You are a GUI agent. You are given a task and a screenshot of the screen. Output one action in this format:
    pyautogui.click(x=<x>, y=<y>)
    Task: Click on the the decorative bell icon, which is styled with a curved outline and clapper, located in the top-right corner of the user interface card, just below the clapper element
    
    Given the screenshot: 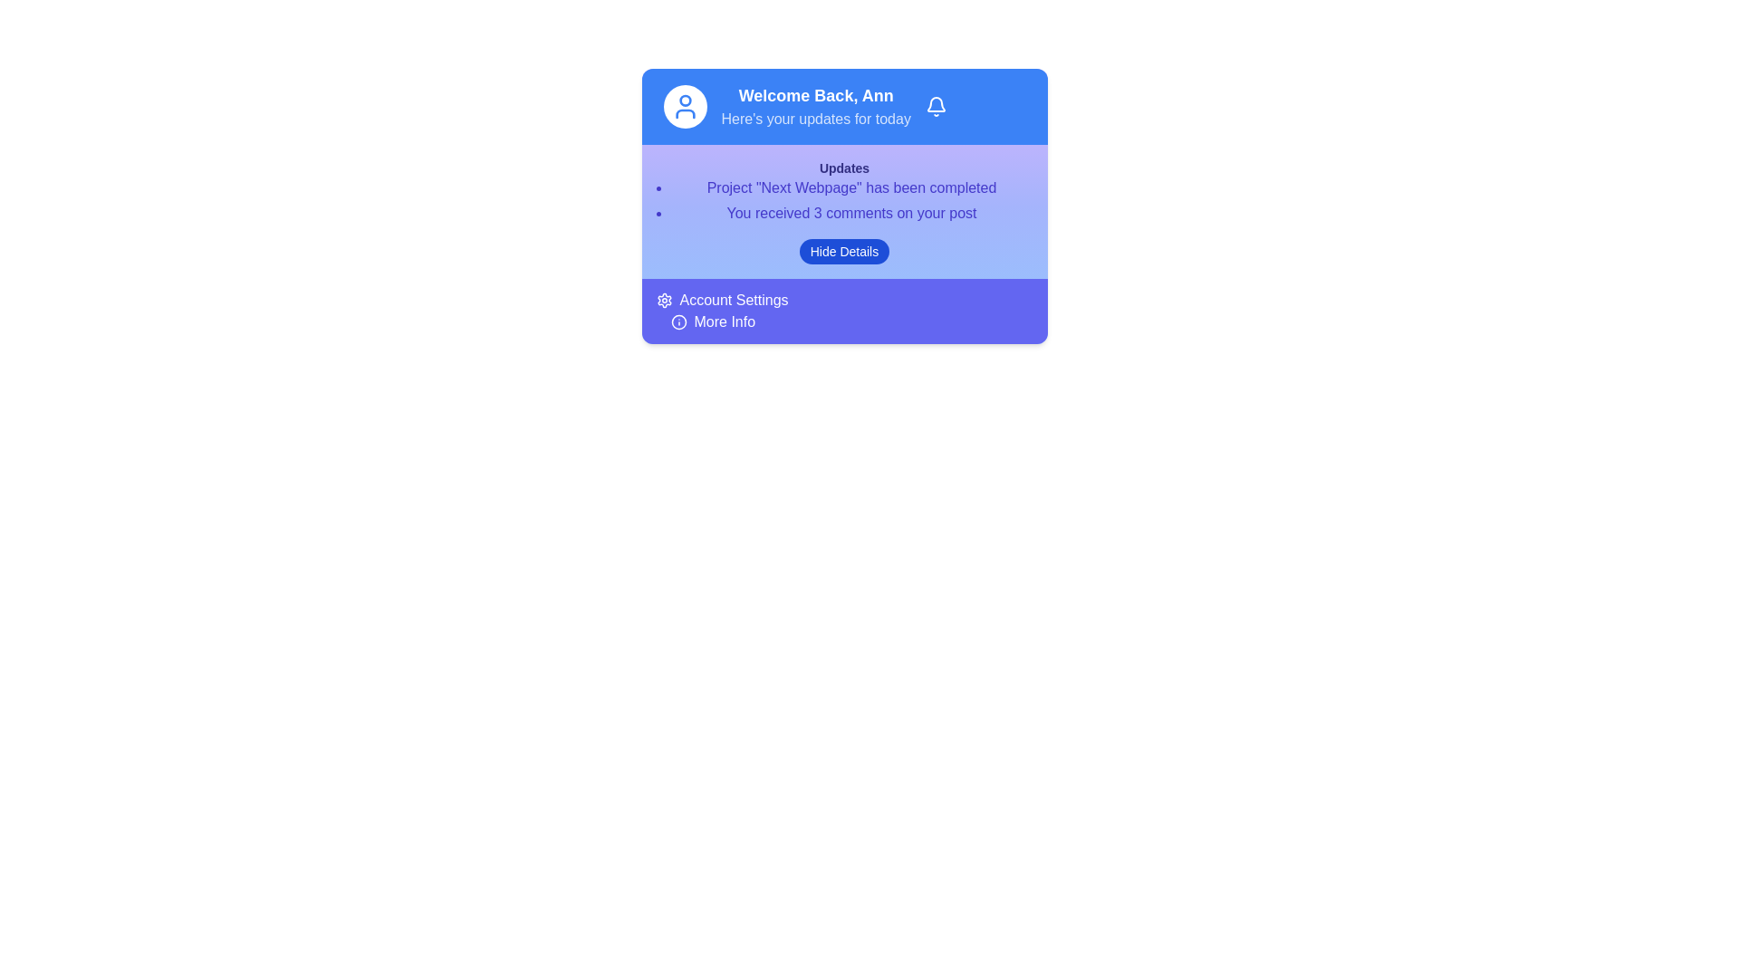 What is the action you would take?
    pyautogui.click(x=936, y=104)
    